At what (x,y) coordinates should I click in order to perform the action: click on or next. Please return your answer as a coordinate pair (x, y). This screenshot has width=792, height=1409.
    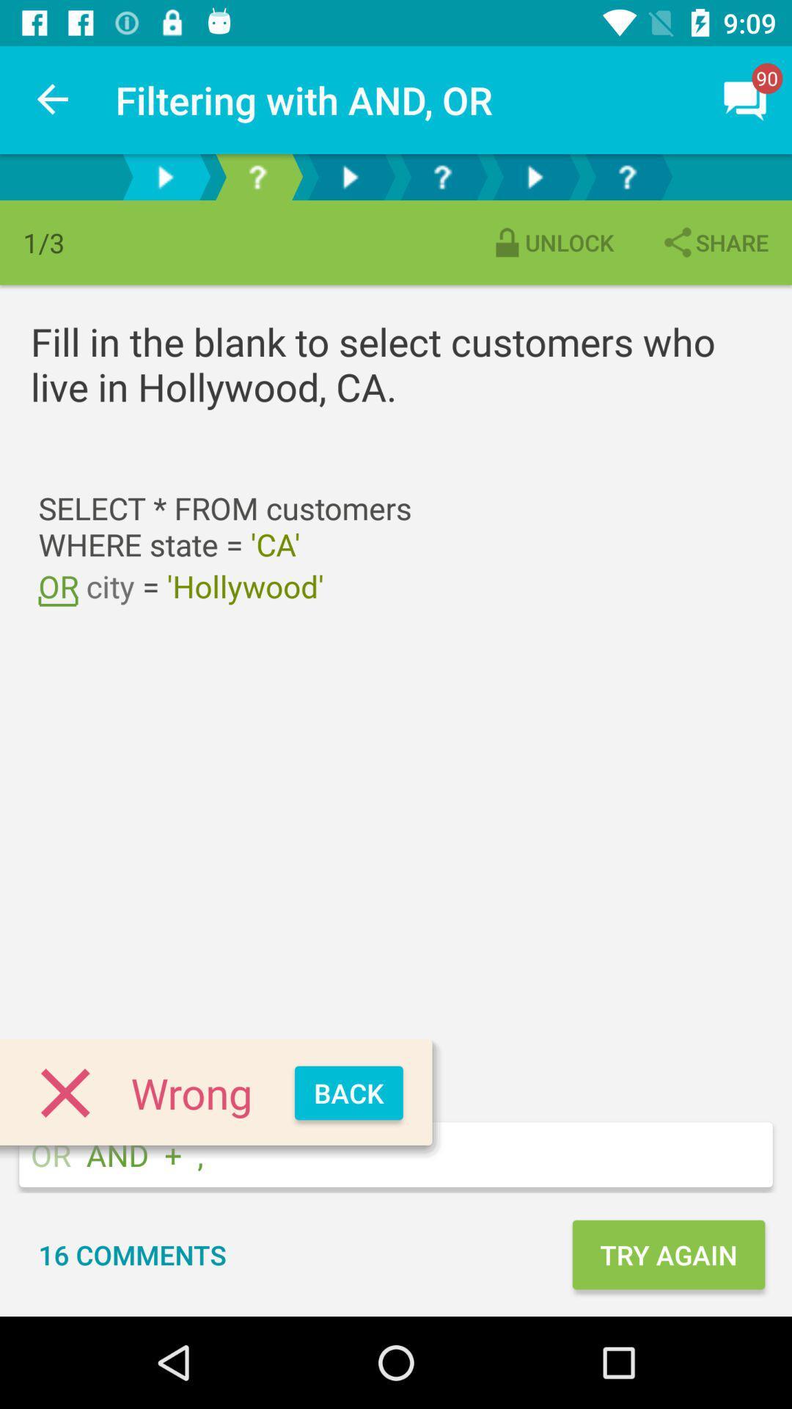
    Looking at the image, I should click on (350, 176).